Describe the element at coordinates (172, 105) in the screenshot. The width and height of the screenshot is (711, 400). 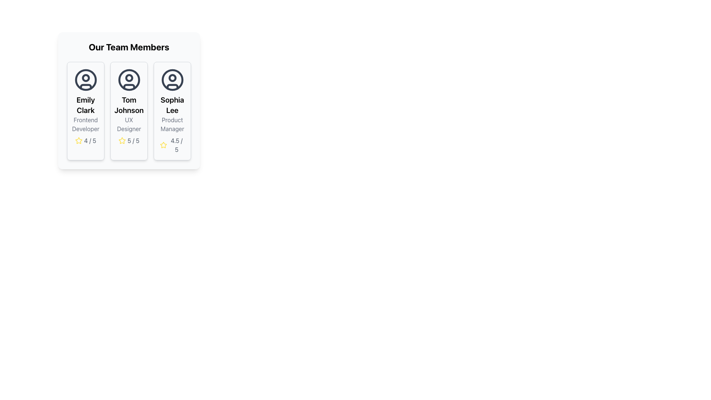
I see `the Static Text Label that displays the name of the individual, which is centered horizontally in the profile card, located below the avatar icon and above the 'Product Manager' text` at that location.